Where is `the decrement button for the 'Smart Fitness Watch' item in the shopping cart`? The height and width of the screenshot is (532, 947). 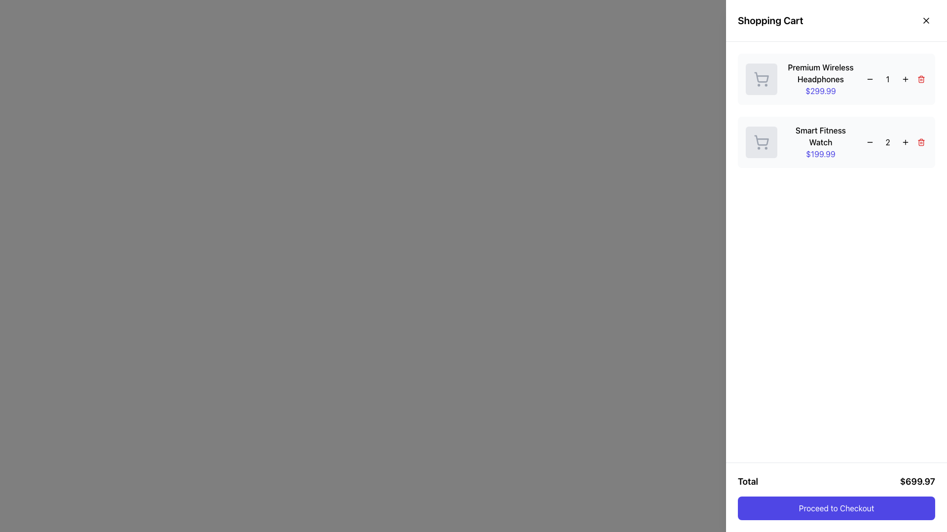 the decrement button for the 'Smart Fitness Watch' item in the shopping cart is located at coordinates (870, 142).